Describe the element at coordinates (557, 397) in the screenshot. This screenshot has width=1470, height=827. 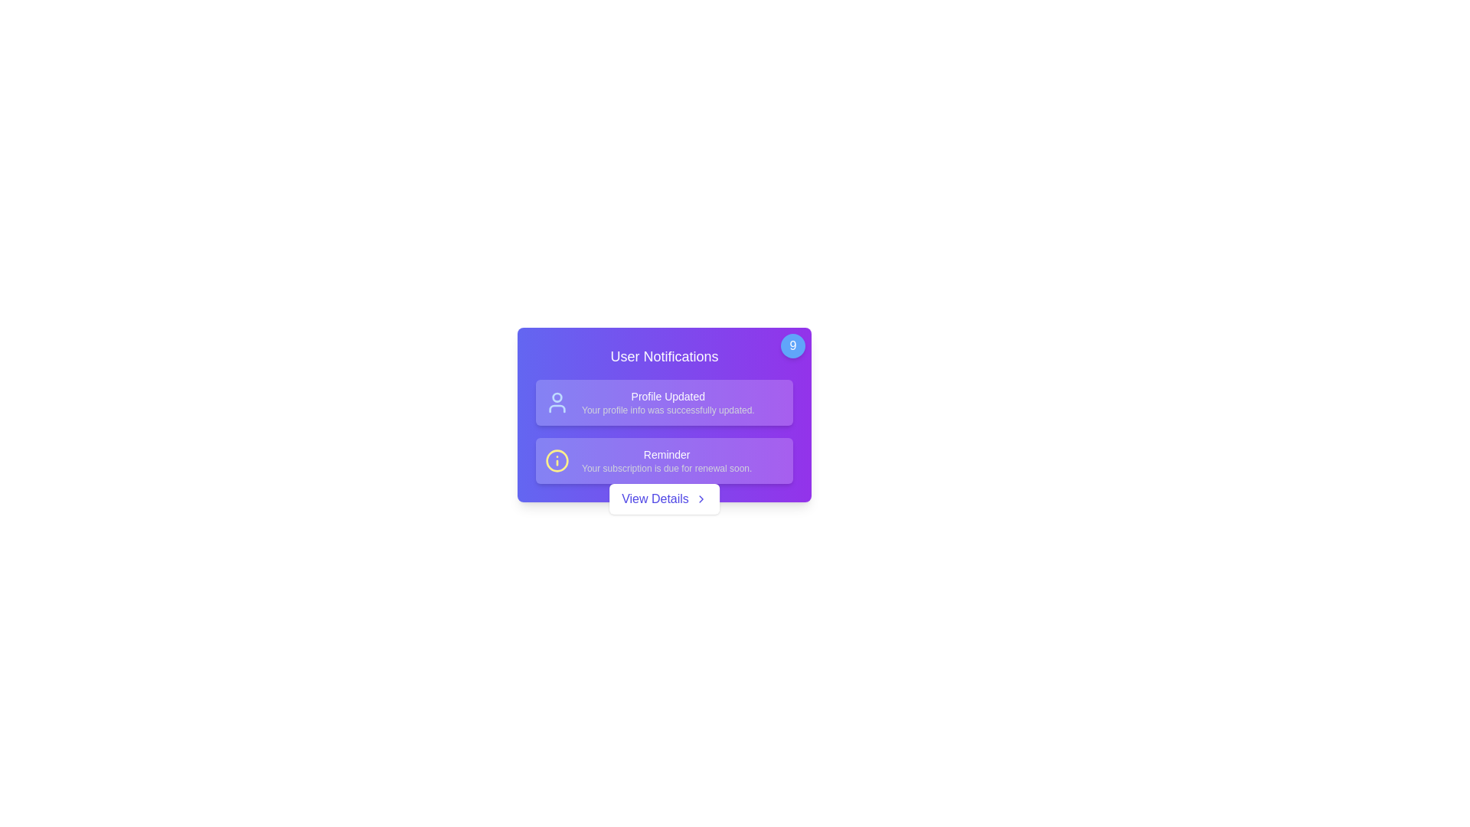
I see `the Circle element that signifies a profile-related notification in the top-left corner of the notification card UI` at that location.